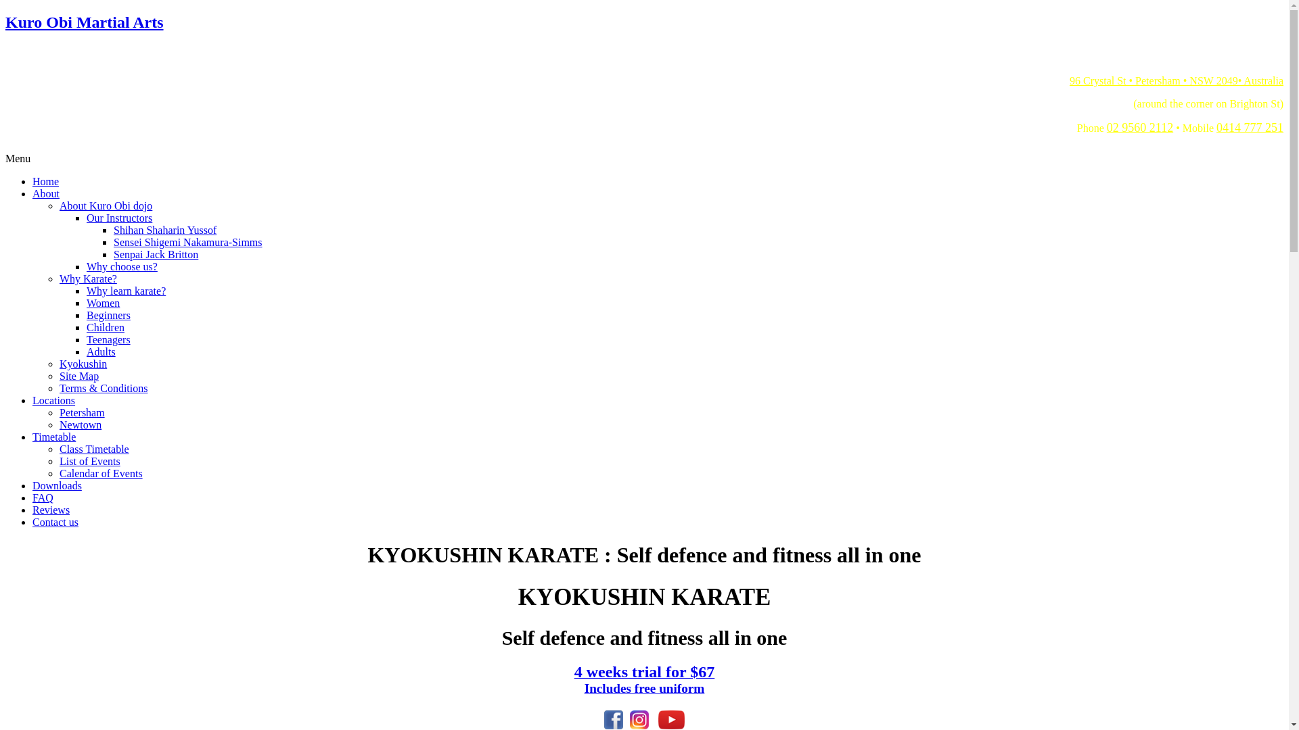  Describe the element at coordinates (51, 510) in the screenshot. I see `'Reviews'` at that location.